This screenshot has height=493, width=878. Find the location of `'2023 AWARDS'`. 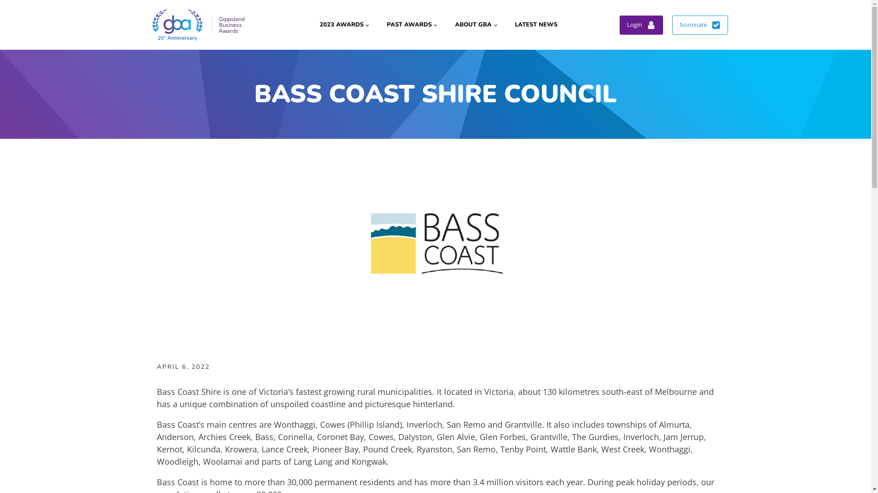

'2023 AWARDS' is located at coordinates (343, 24).